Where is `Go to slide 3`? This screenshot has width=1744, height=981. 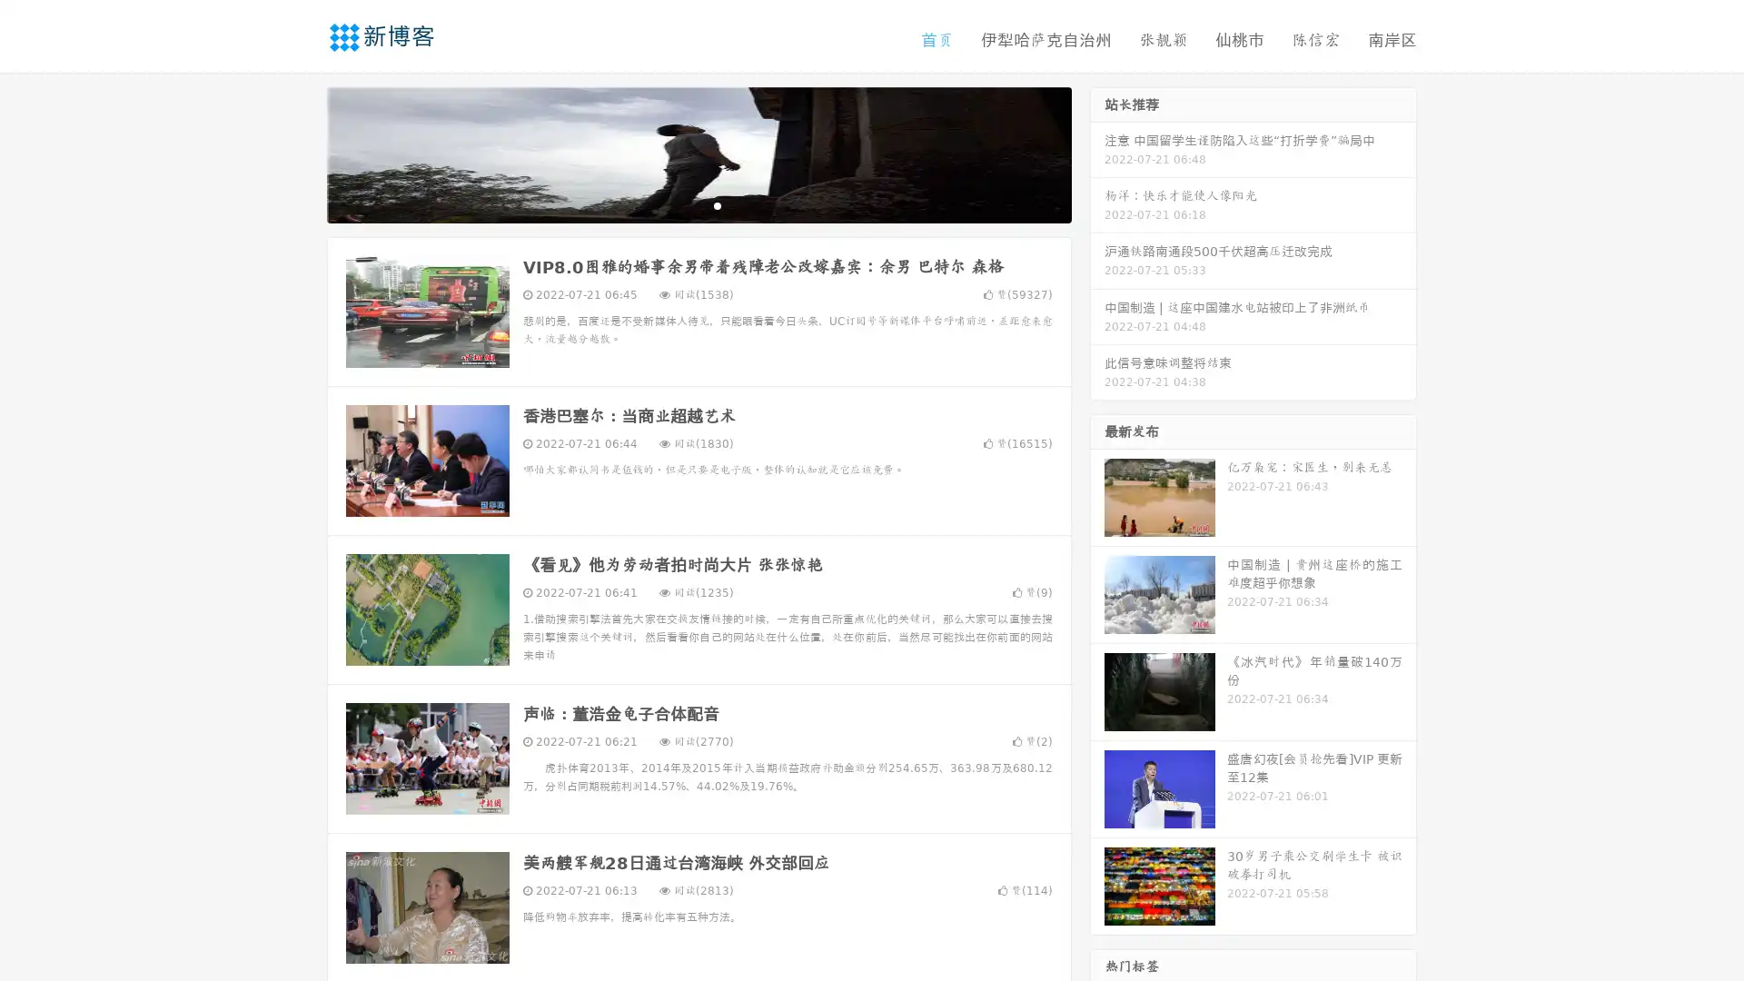
Go to slide 3 is located at coordinates (717, 204).